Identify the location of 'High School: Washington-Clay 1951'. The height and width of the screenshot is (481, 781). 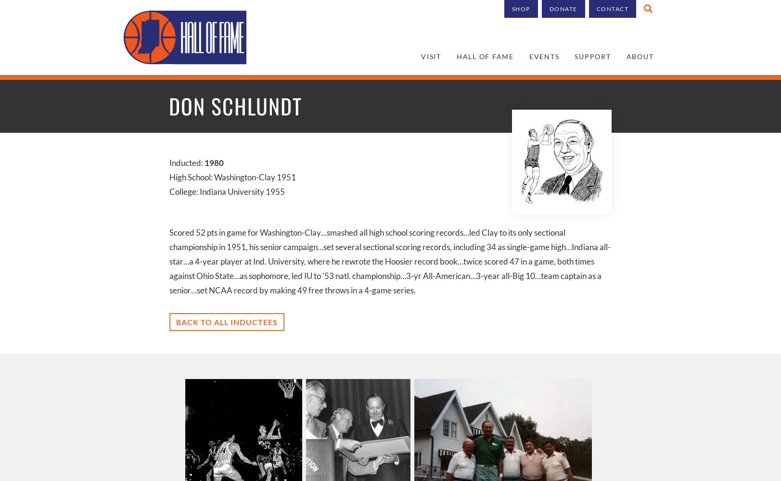
(232, 177).